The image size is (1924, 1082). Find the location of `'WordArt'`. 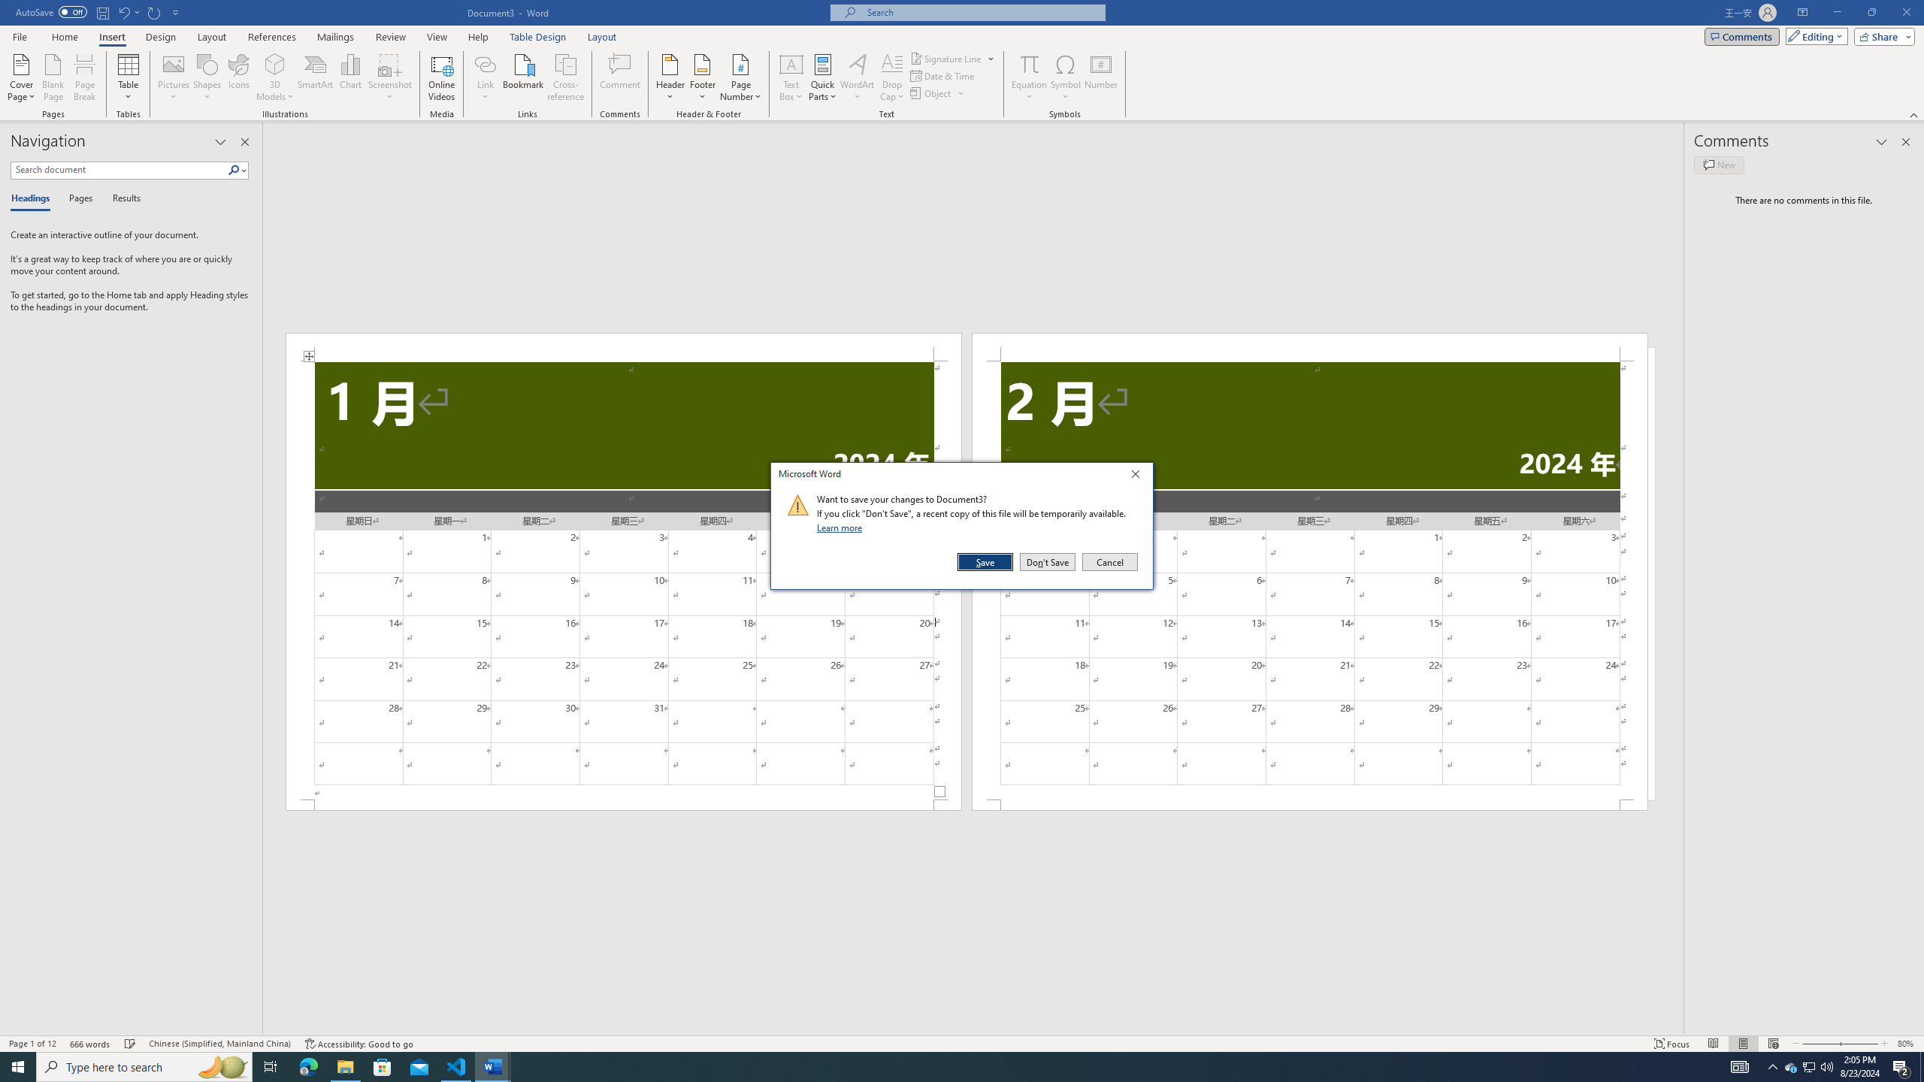

'WordArt' is located at coordinates (857, 77).